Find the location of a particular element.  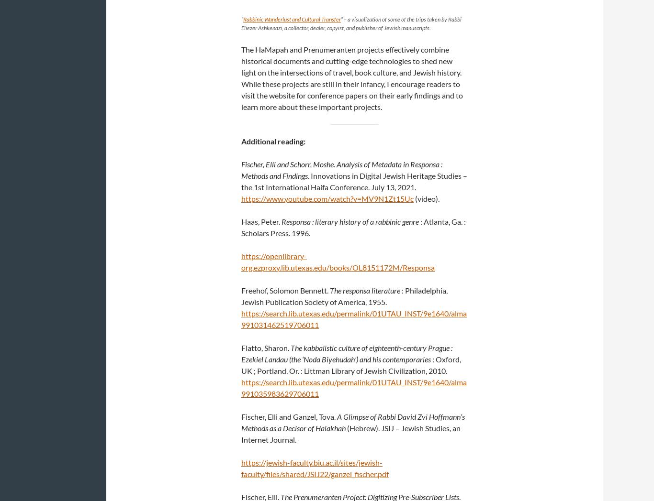

'. Innovations in Digital Jewish Heritage Studies – the 1st International Haifa Conference. July 13, 2021.' is located at coordinates (354, 181).